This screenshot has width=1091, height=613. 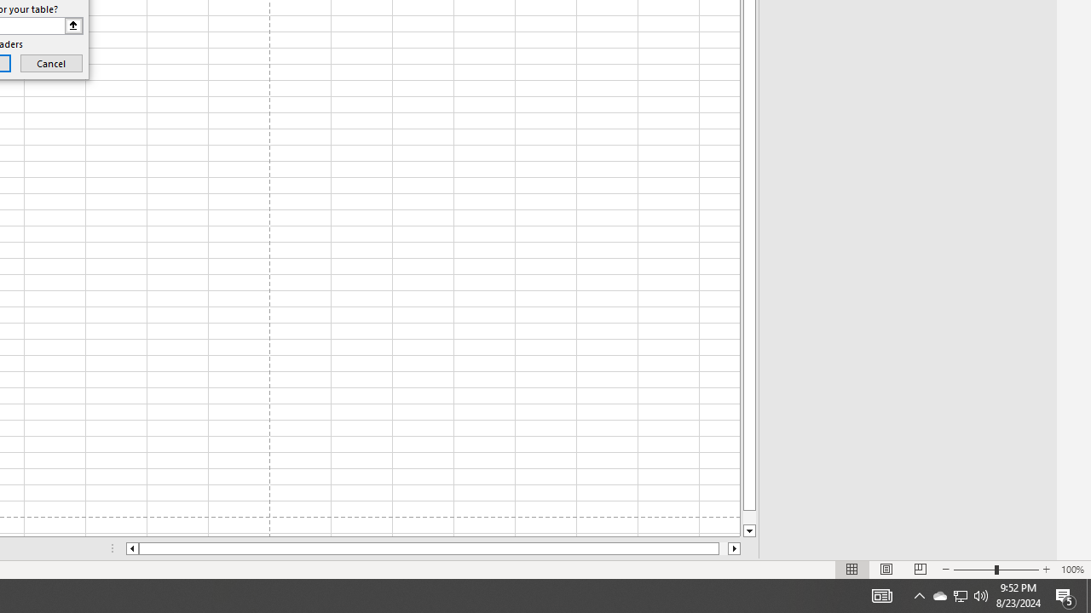 I want to click on 'Column right', so click(x=735, y=548).